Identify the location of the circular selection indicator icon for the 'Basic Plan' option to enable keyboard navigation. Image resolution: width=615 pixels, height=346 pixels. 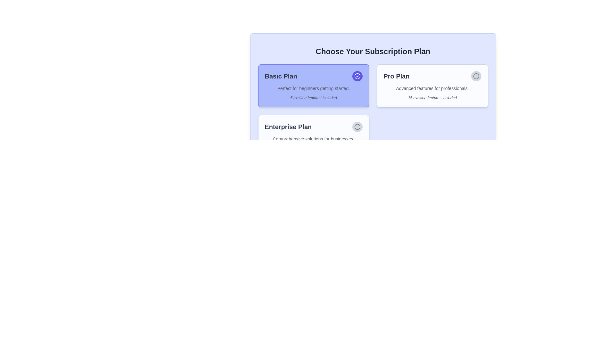
(357, 127).